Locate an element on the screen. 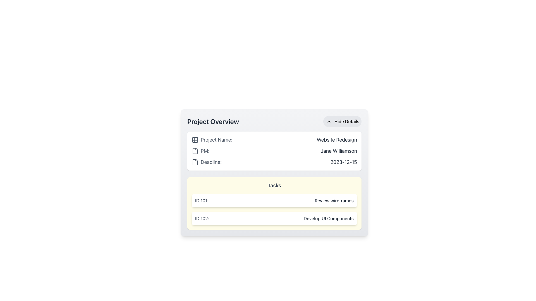 The width and height of the screenshot is (536, 301). the central grid cell of the top row in the 3x3 grid icon, which is a small square with rounded corners and a dark border is located at coordinates (195, 139).